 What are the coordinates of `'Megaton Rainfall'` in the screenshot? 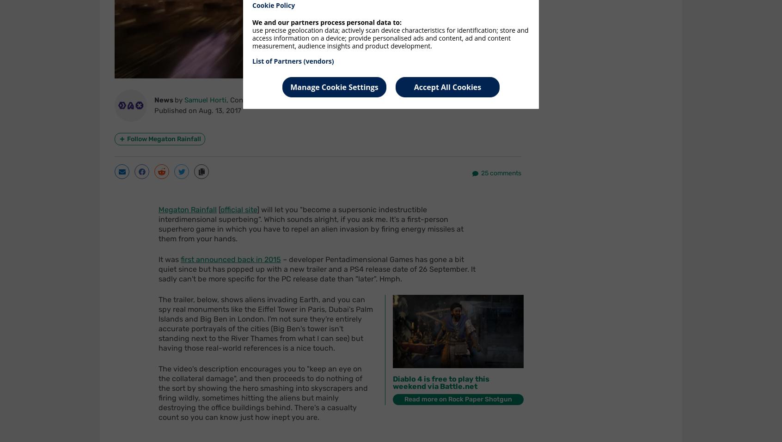 It's located at (188, 209).